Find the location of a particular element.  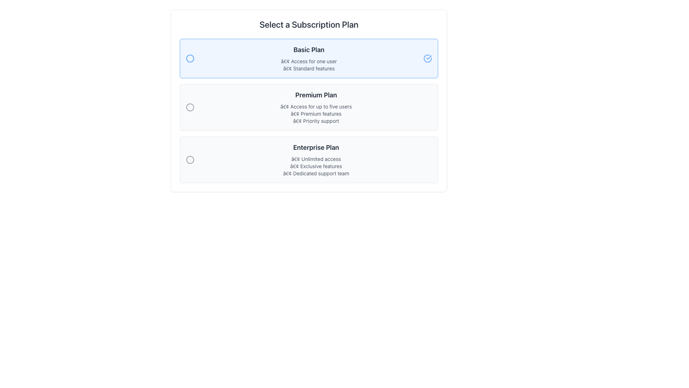

the SVG circle element marking the 'Enterprise Plan' option, which is located in the third row of subscription plans and aligned to the left of the 'Enterprise Plan' section is located at coordinates (190, 159).